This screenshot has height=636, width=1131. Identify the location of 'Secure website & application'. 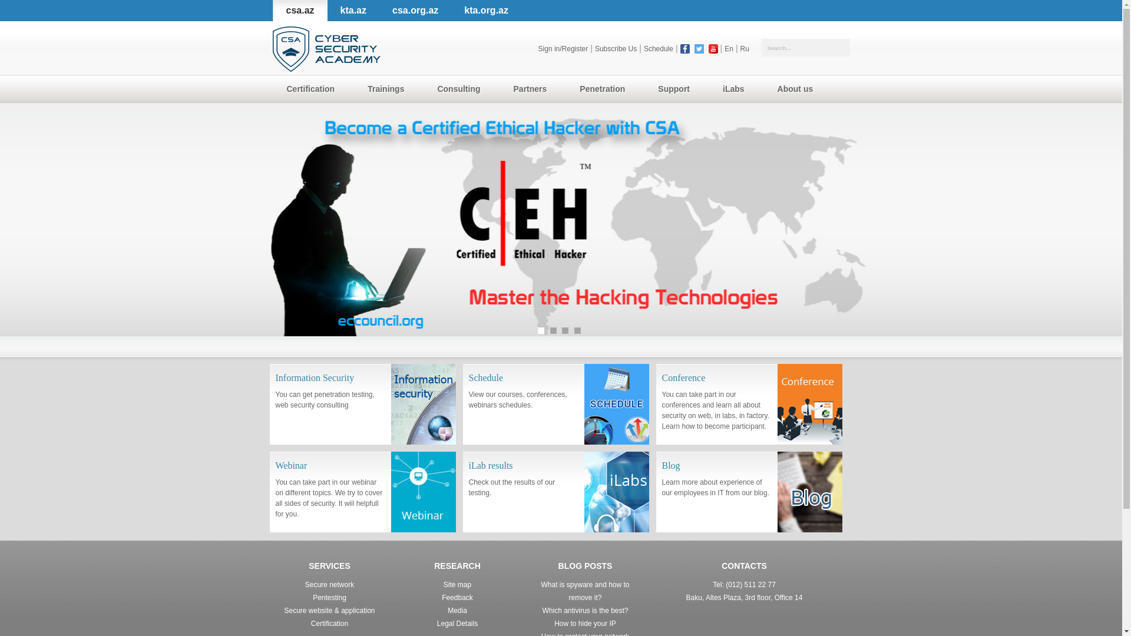
(329, 610).